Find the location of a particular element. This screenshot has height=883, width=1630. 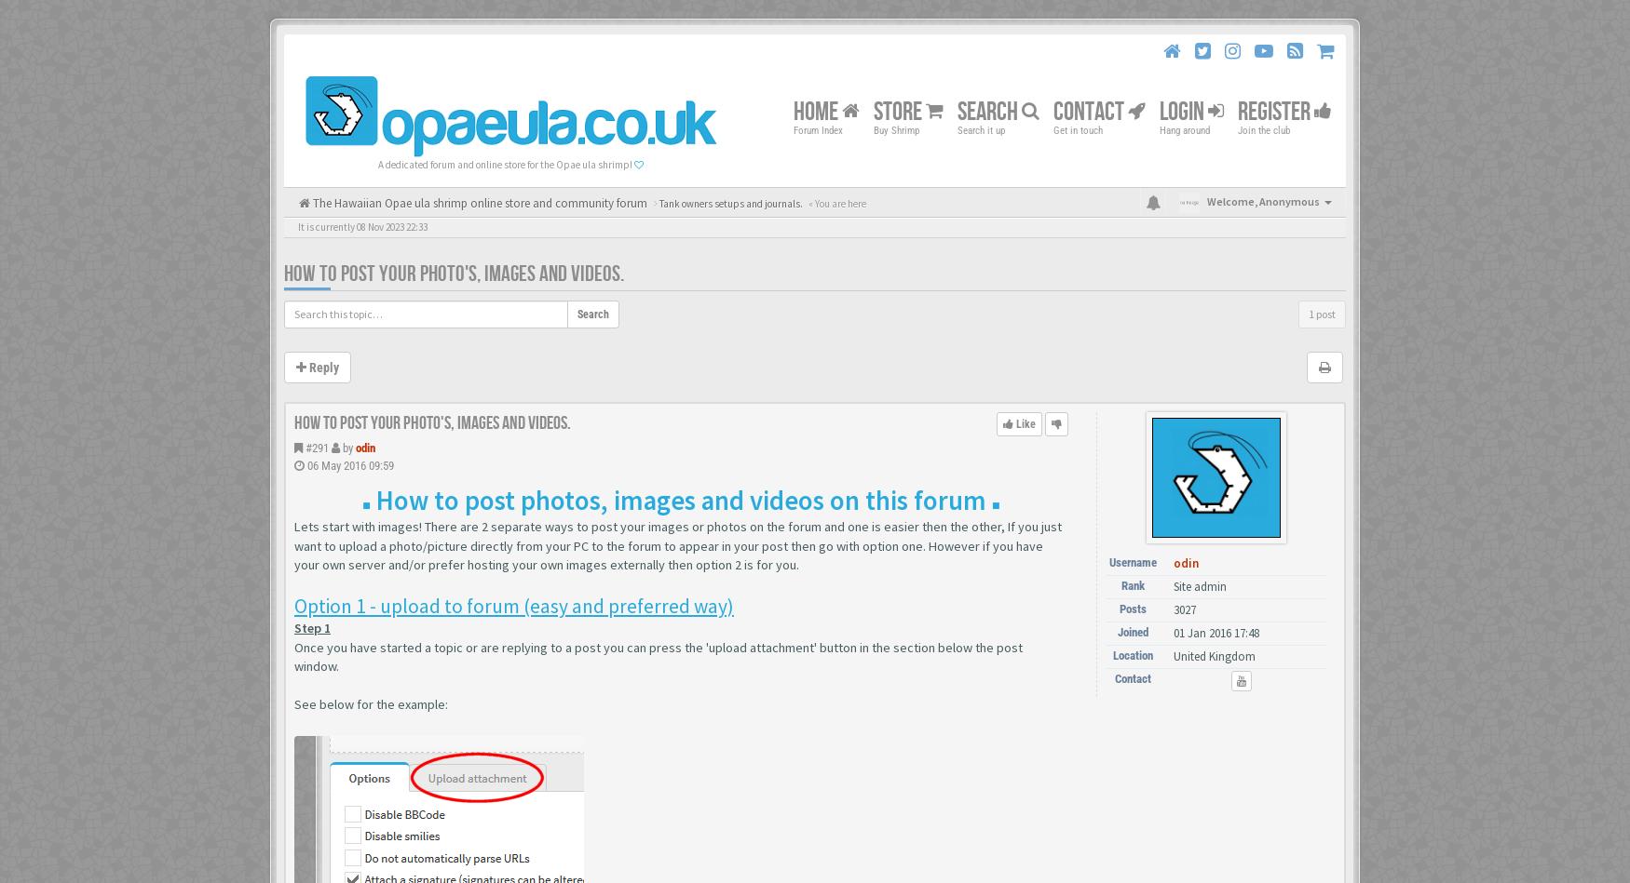

'Rank' is located at coordinates (1133, 584).